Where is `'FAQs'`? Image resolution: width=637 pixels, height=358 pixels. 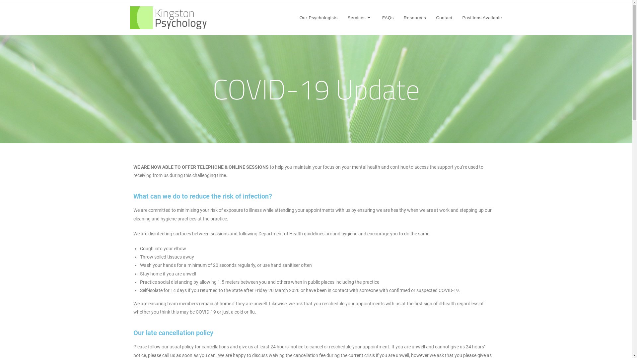
'FAQs' is located at coordinates (377, 17).